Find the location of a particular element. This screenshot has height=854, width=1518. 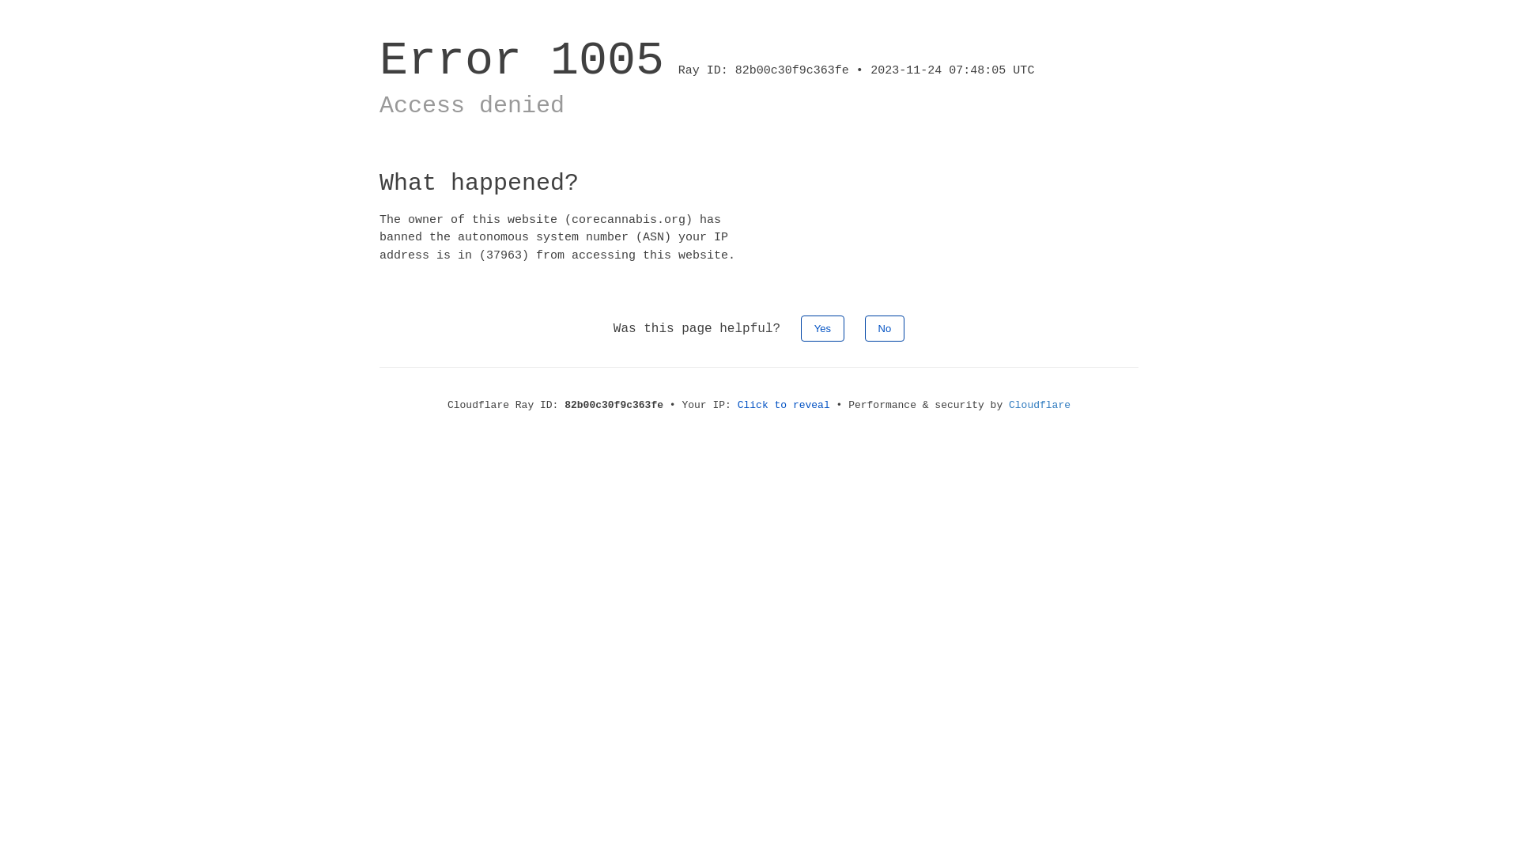

'No' is located at coordinates (884, 327).